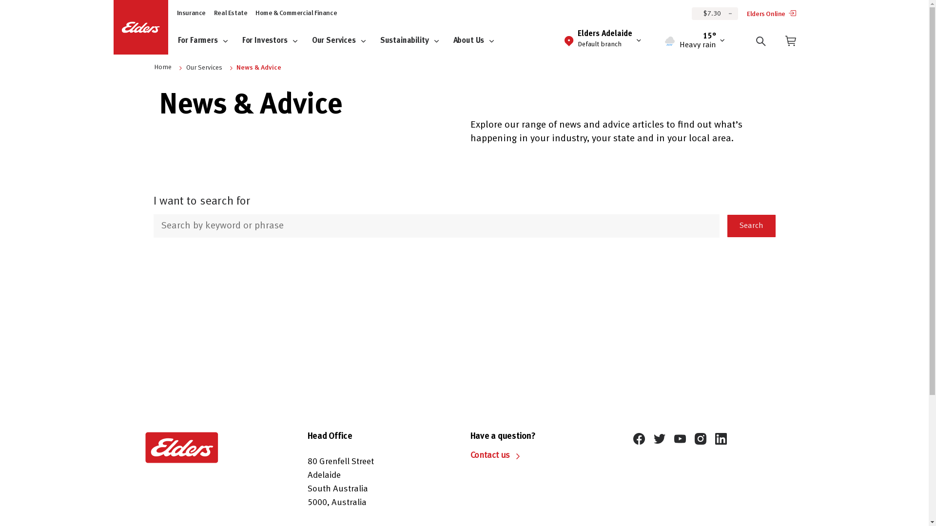 Image resolution: width=936 pixels, height=526 pixels. What do you see at coordinates (751, 225) in the screenshot?
I see `'Search'` at bounding box center [751, 225].